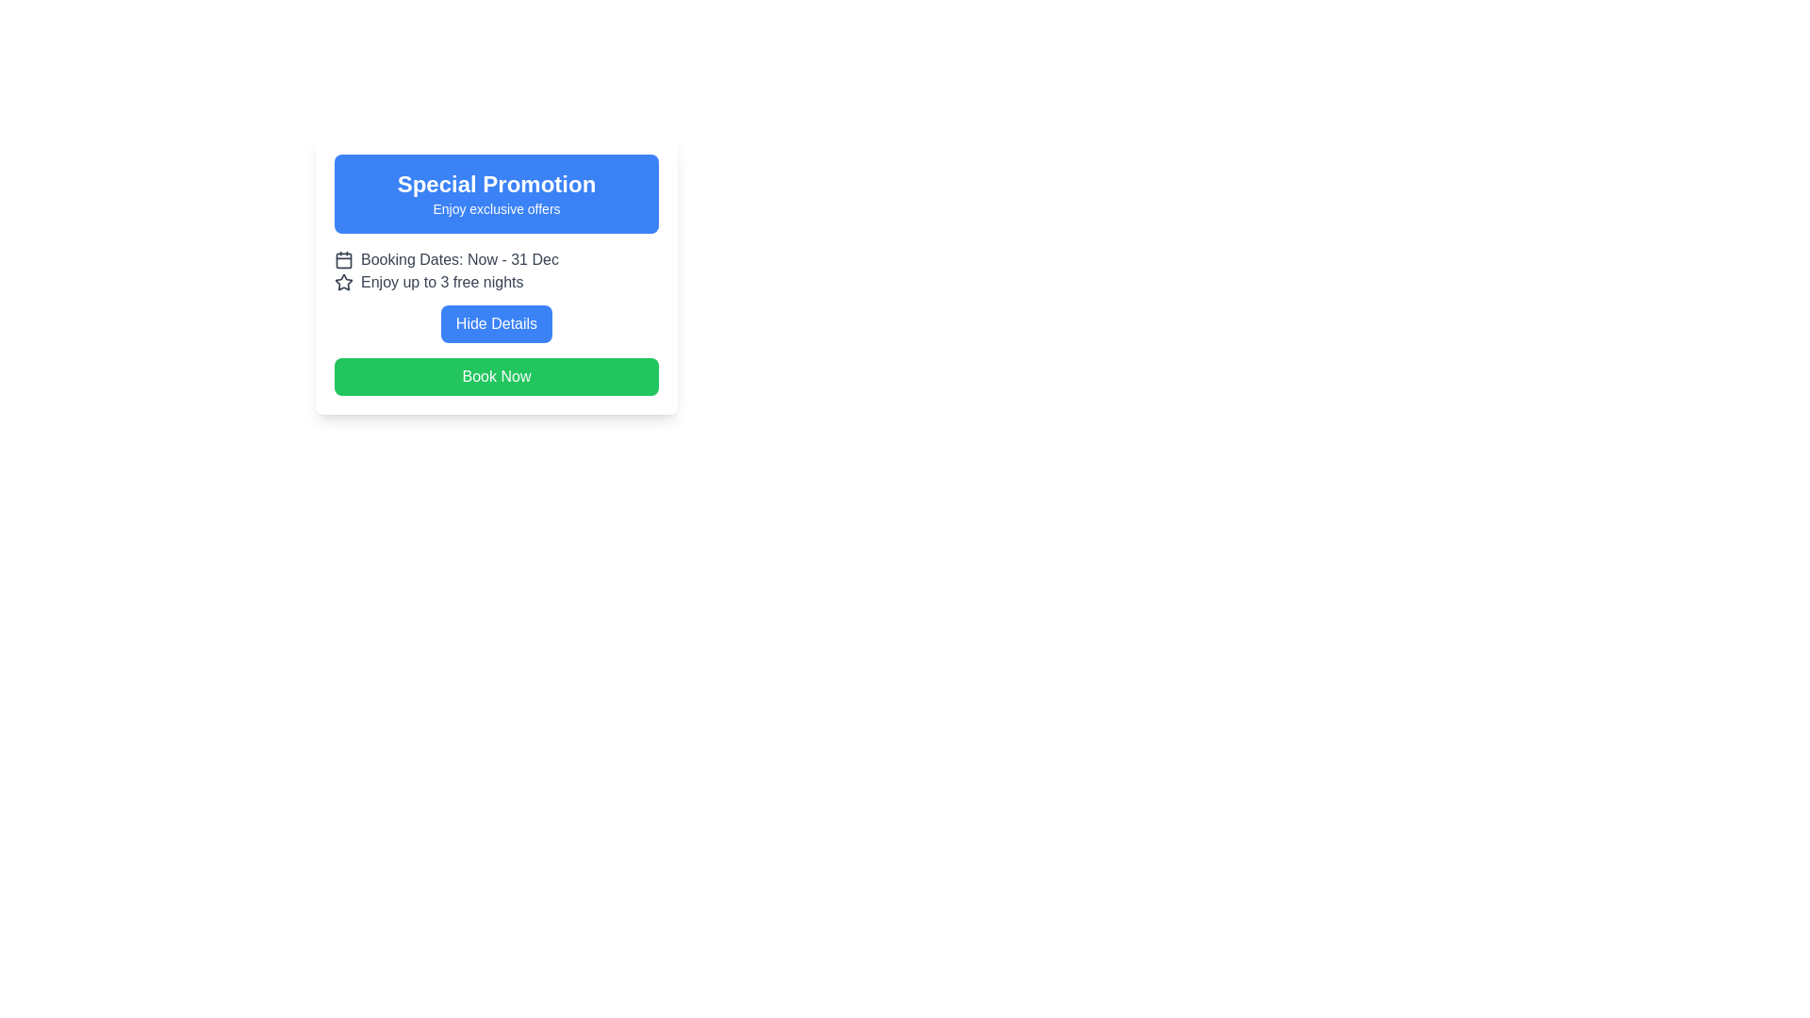 This screenshot has width=1810, height=1018. What do you see at coordinates (497, 377) in the screenshot?
I see `the green 'Book Now' button with rounded corners located at the bottom of the promotional card to initiate booking` at bounding box center [497, 377].